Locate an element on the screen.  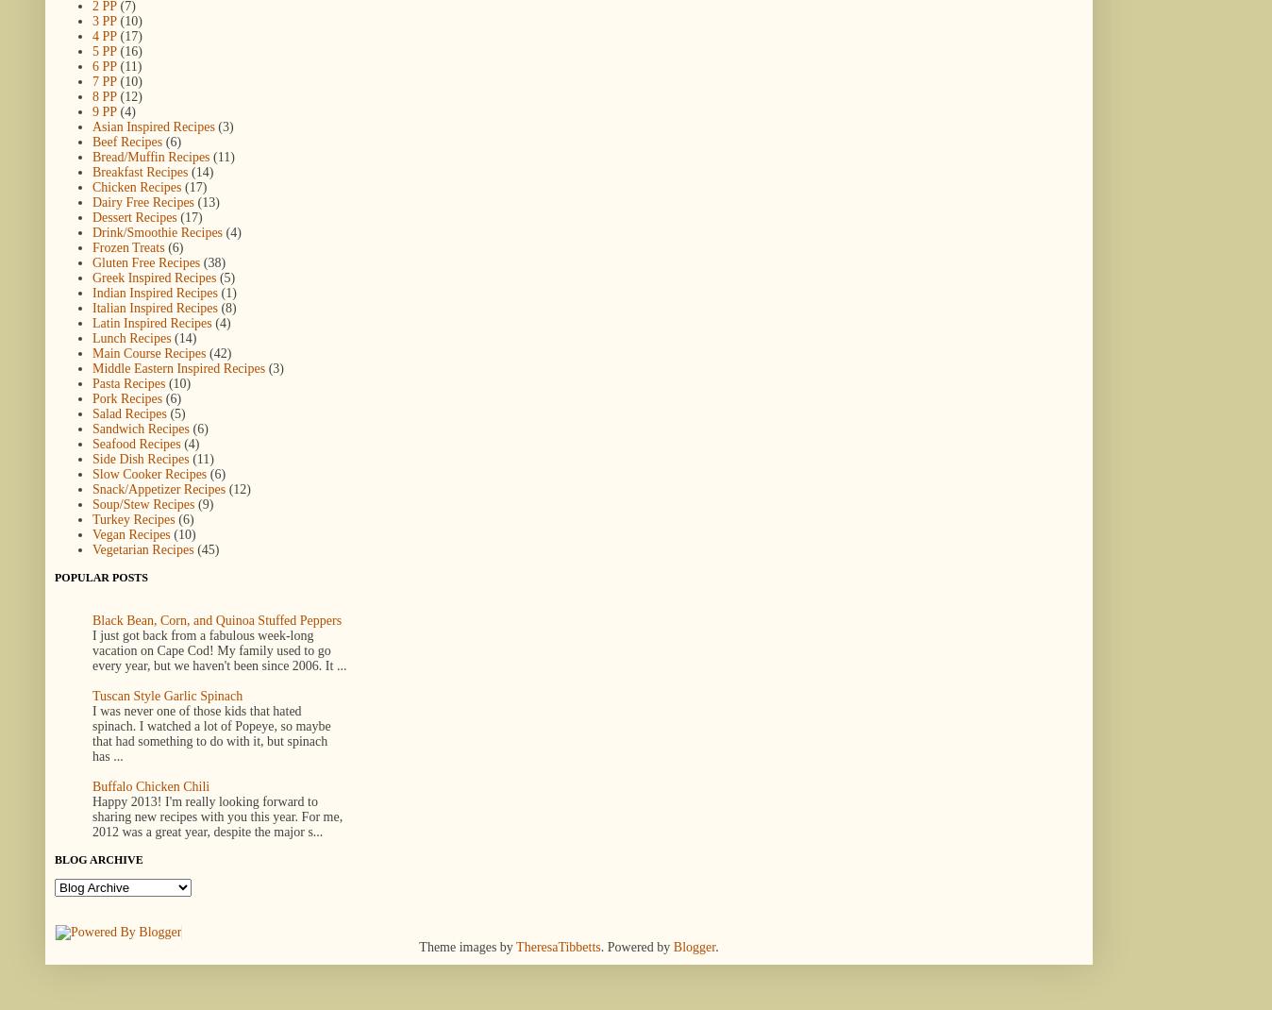
'5 PP' is located at coordinates (103, 50).